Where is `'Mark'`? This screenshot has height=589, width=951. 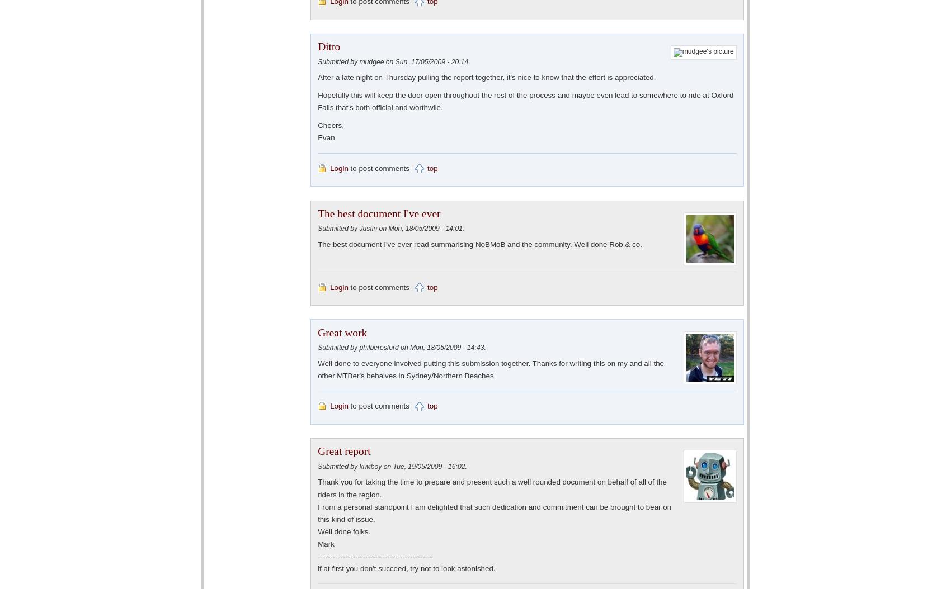
'Mark' is located at coordinates (325, 543).